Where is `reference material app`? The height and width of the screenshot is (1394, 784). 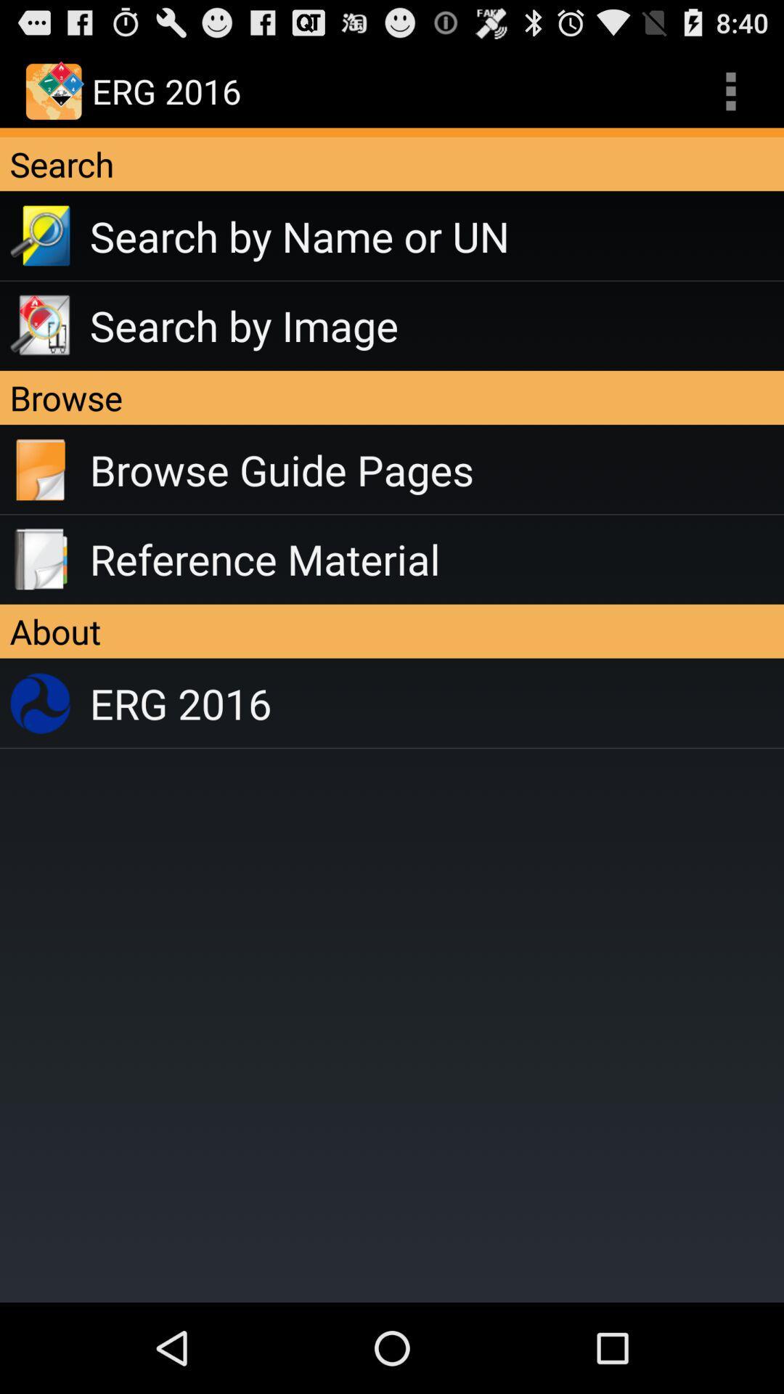
reference material app is located at coordinates (436, 558).